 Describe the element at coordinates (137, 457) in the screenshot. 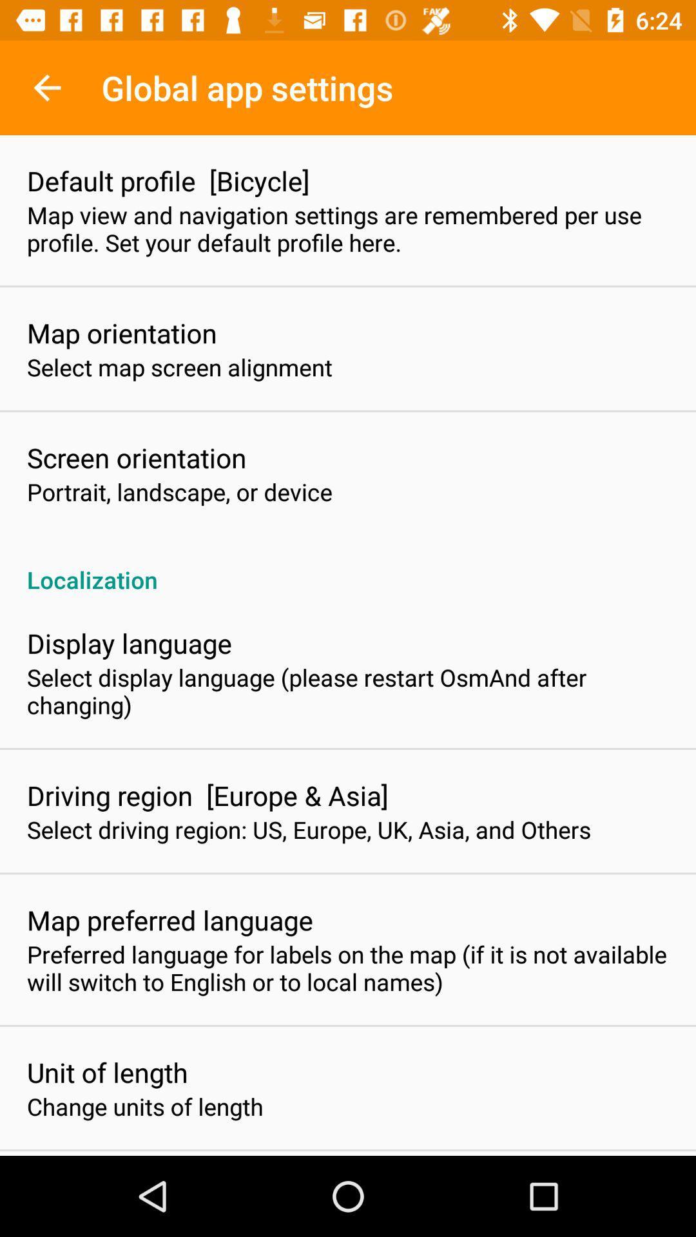

I see `screen orientation` at that location.